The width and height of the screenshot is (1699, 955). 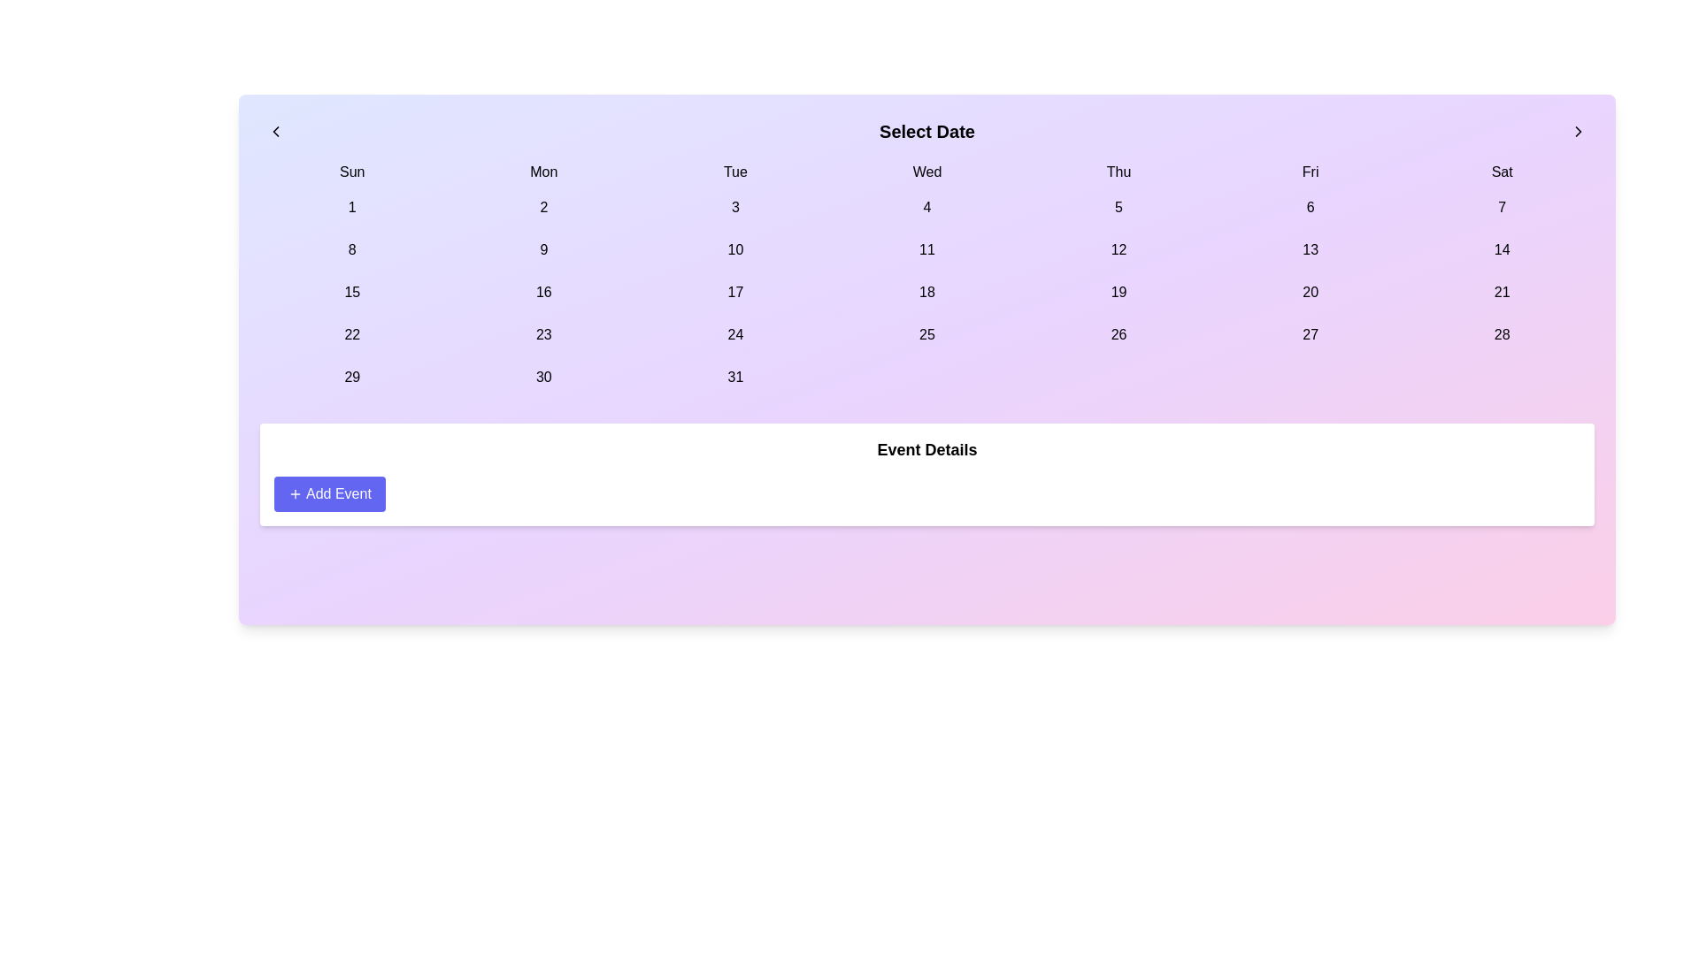 I want to click on the button that selects the 2nd day in the calendar view to change its background color, so click(x=542, y=207).